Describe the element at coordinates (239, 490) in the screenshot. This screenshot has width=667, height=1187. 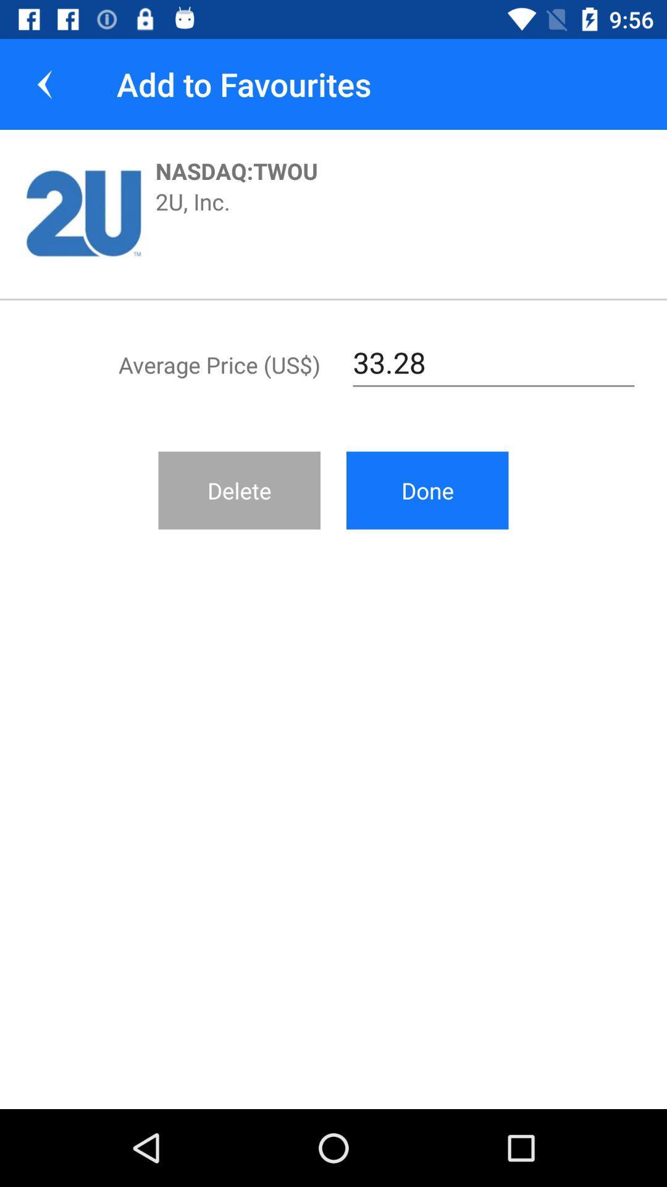
I see `icon to the left of the done` at that location.